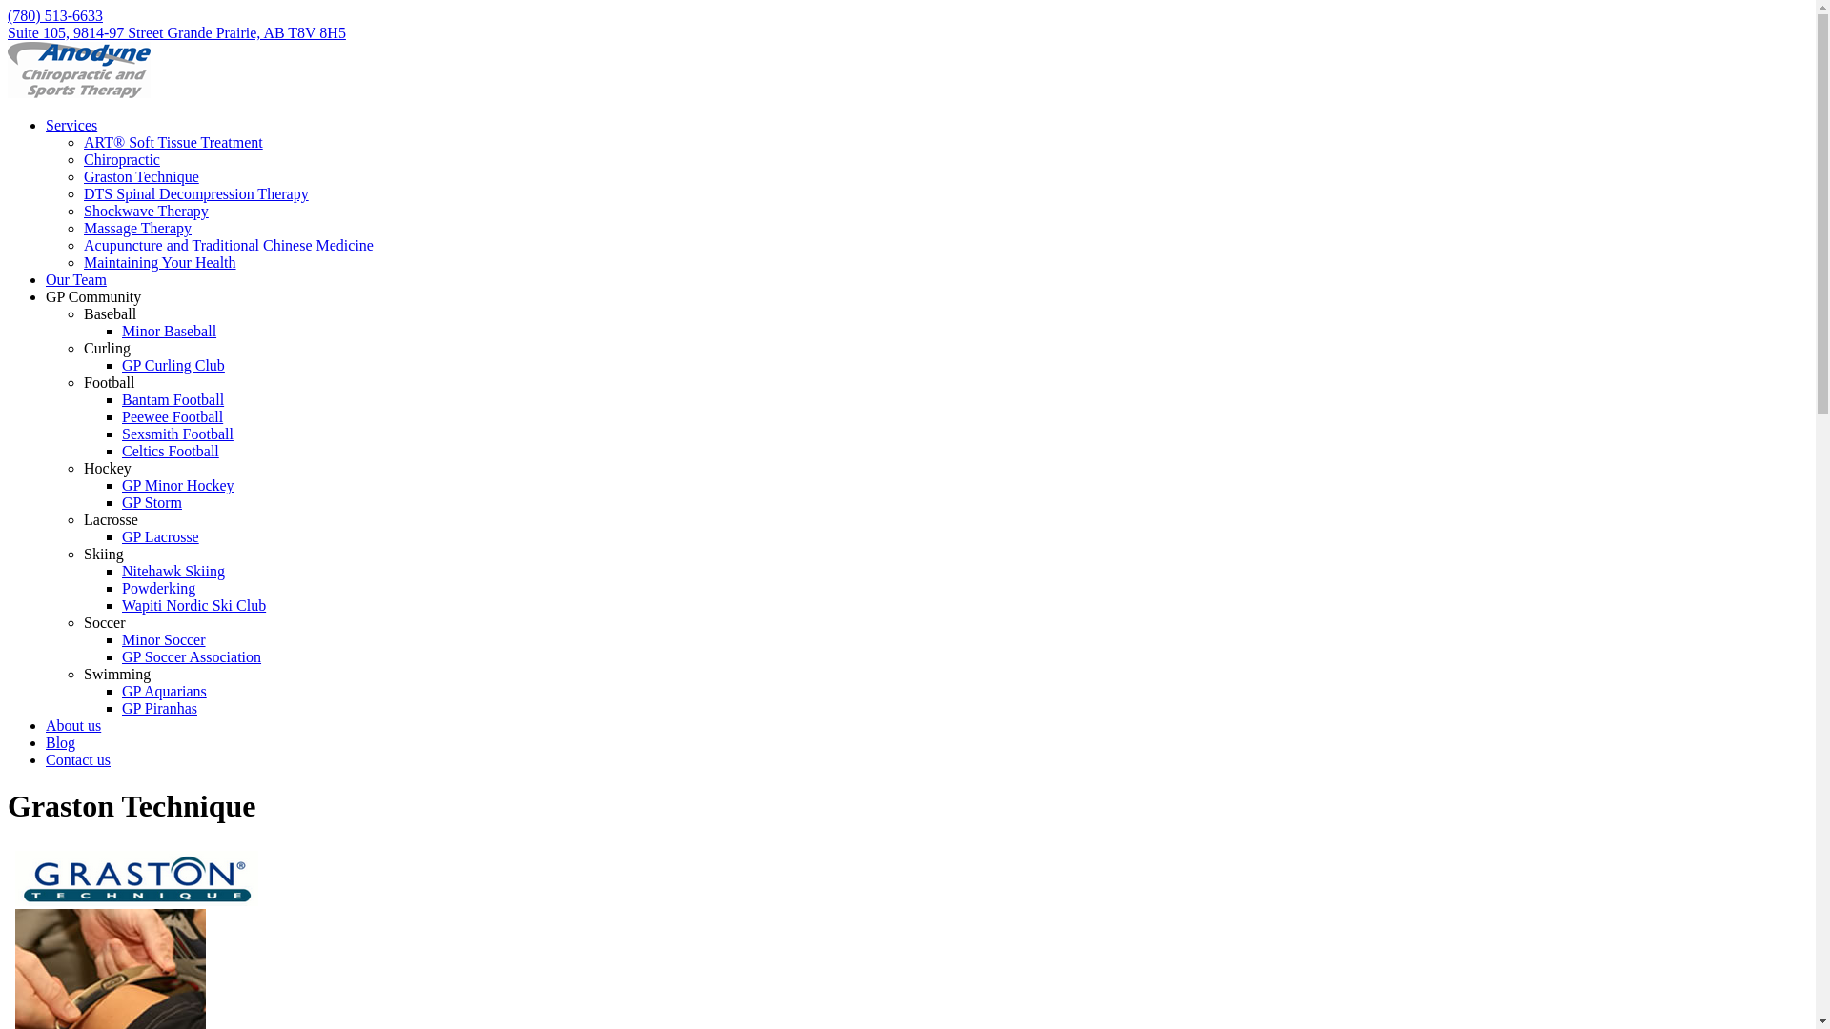  What do you see at coordinates (192, 656) in the screenshot?
I see `'GP Soccer Association'` at bounding box center [192, 656].